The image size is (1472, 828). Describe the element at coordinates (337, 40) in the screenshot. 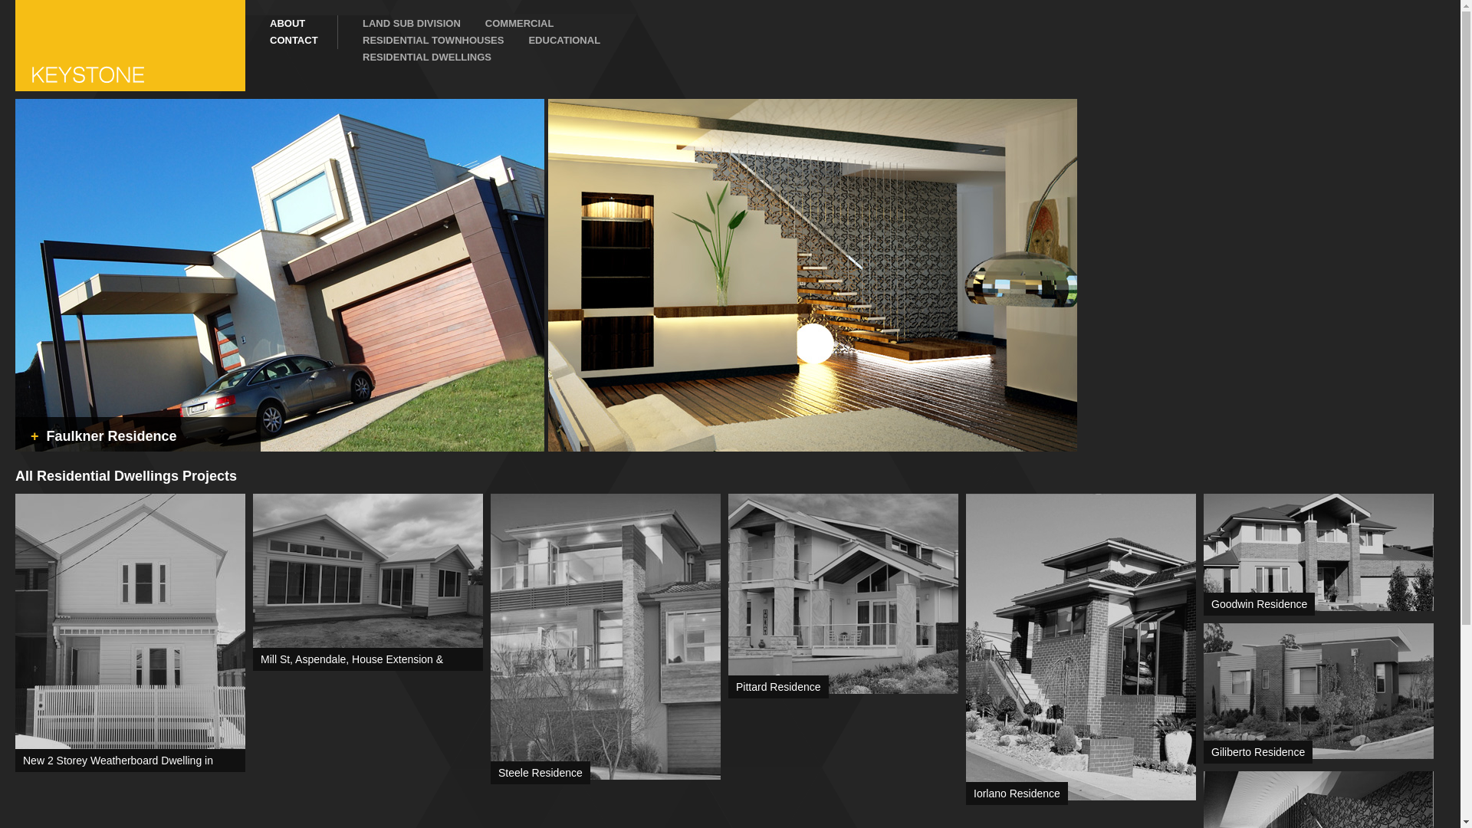

I see `'RESIDENTIAL TOWNHOUSES'` at that location.